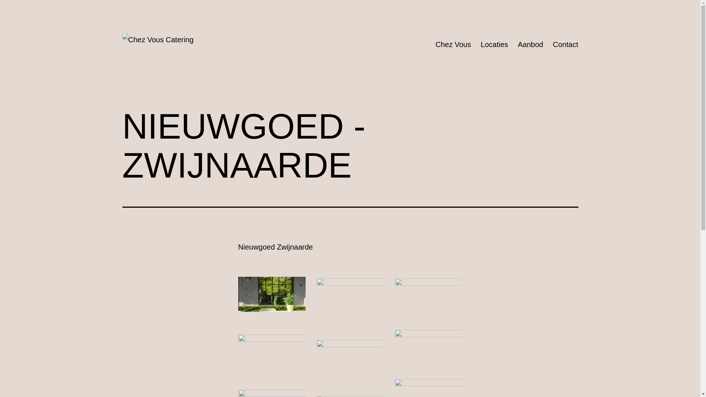 Image resolution: width=706 pixels, height=397 pixels. What do you see at coordinates (565, 44) in the screenshot?
I see `'Contact'` at bounding box center [565, 44].